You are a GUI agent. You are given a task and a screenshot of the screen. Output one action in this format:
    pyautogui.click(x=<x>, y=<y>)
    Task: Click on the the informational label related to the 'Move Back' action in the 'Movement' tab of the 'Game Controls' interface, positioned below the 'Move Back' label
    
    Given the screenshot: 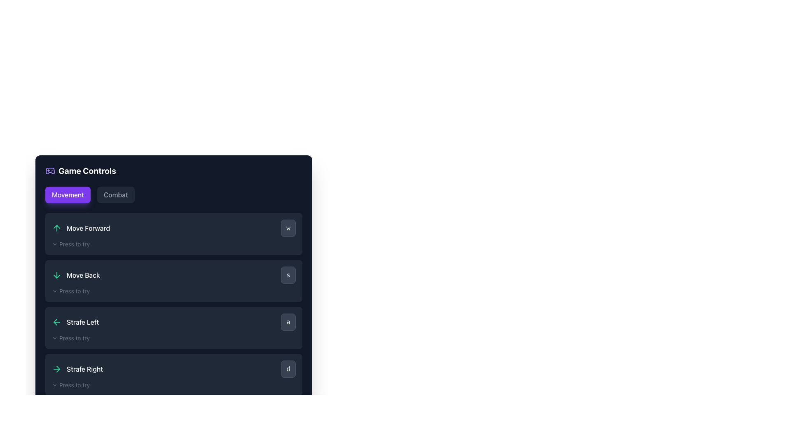 What is the action you would take?
    pyautogui.click(x=75, y=290)
    